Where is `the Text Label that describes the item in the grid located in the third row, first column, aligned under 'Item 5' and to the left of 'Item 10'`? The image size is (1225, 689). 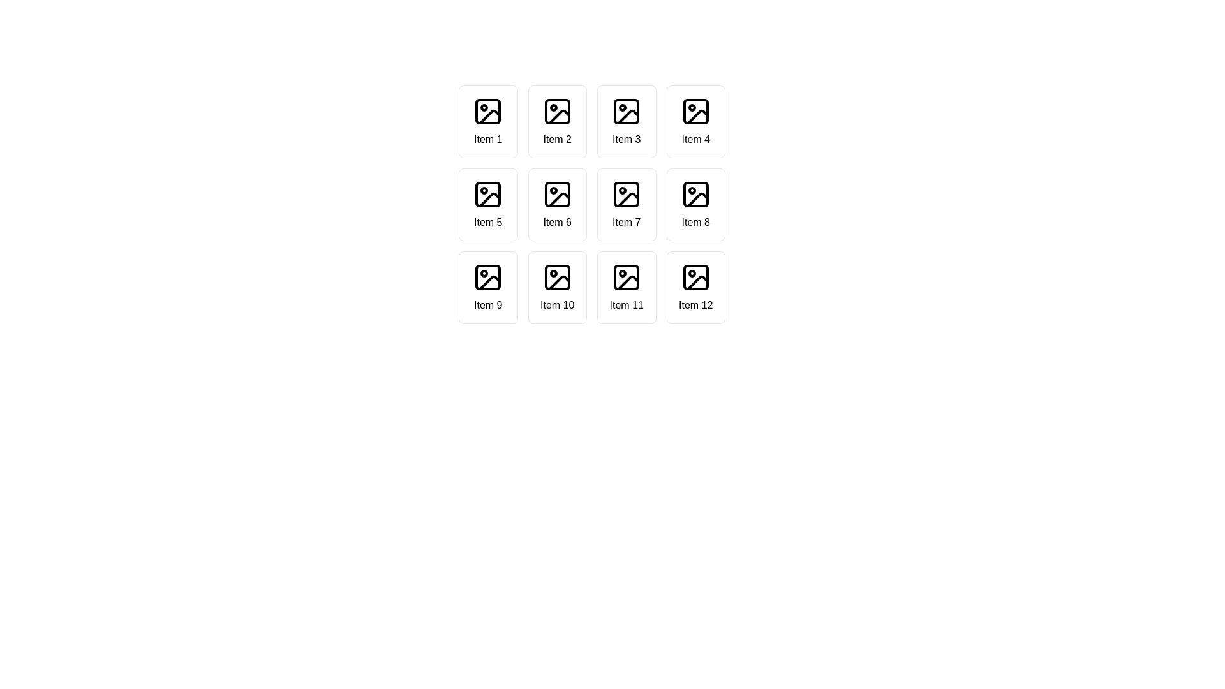 the Text Label that describes the item in the grid located in the third row, first column, aligned under 'Item 5' and to the left of 'Item 10' is located at coordinates (487, 305).